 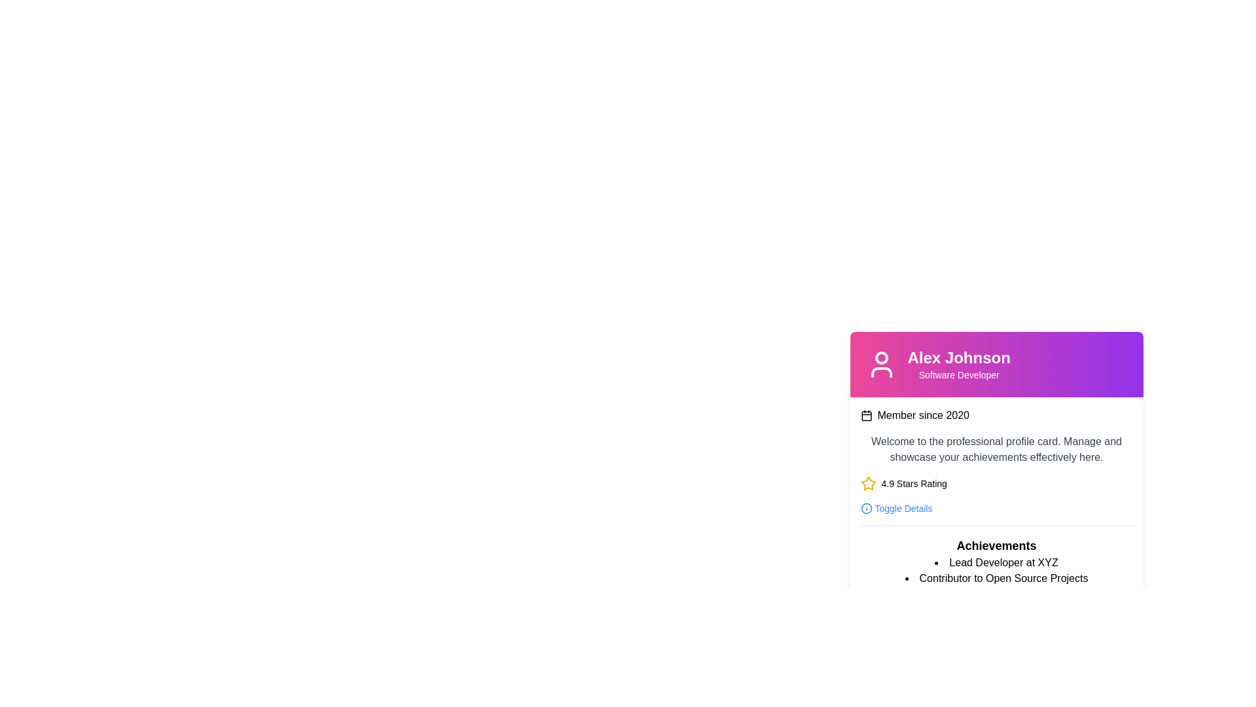 What do you see at coordinates (996, 562) in the screenshot?
I see `the first bullet point in the 'Achievements' section that describes the user's professional title or role` at bounding box center [996, 562].